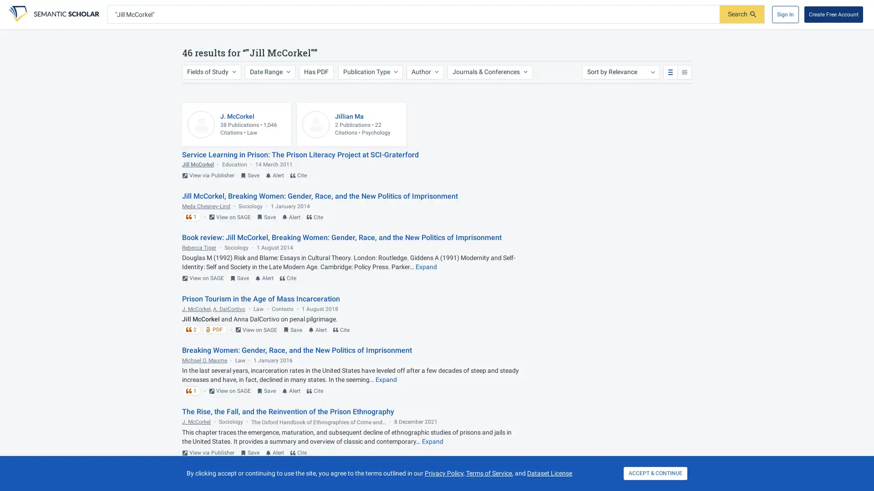 Image resolution: width=874 pixels, height=491 pixels. Describe the element at coordinates (432, 441) in the screenshot. I see `Expand truncated text` at that location.